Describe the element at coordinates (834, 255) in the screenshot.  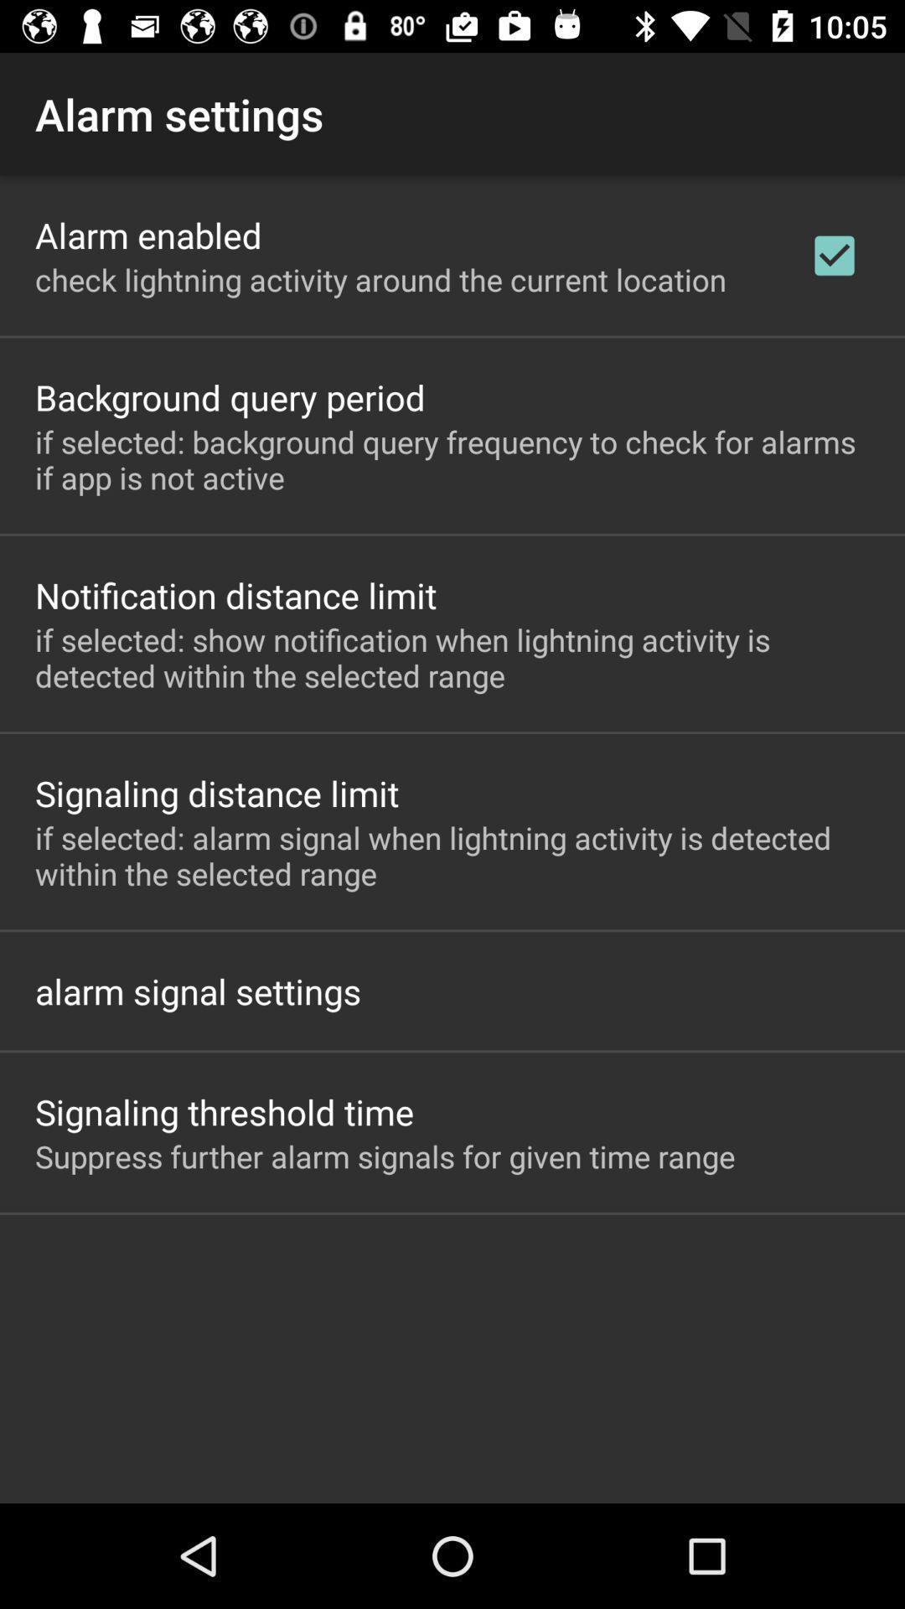
I see `checkbox at the top right corner` at that location.